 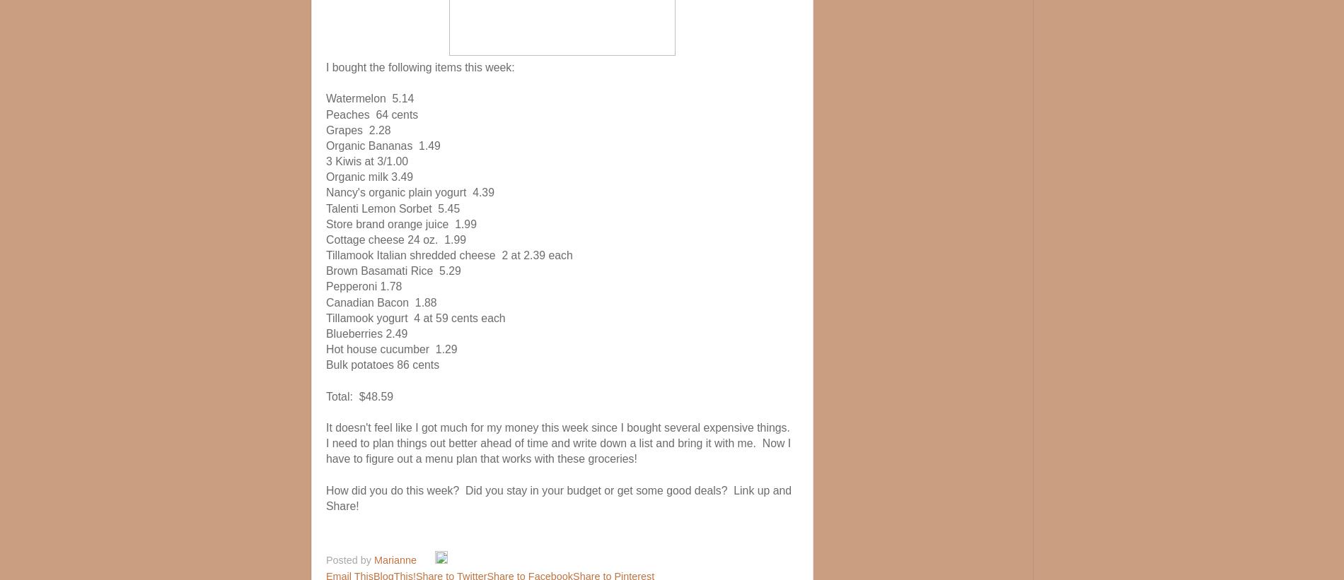 I want to click on 'It doesn't feel like I got much for my money this week since I bought several expensive things.  I need to plan things out better ahead of time and write down a list and bring it with me.  Now I have to figure out a menu plan that works with these groceries!', so click(x=558, y=443).